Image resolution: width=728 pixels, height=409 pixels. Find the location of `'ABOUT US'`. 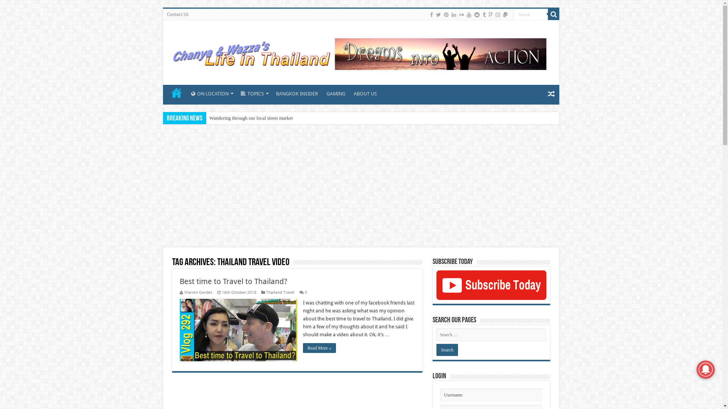

'ABOUT US' is located at coordinates (349, 92).